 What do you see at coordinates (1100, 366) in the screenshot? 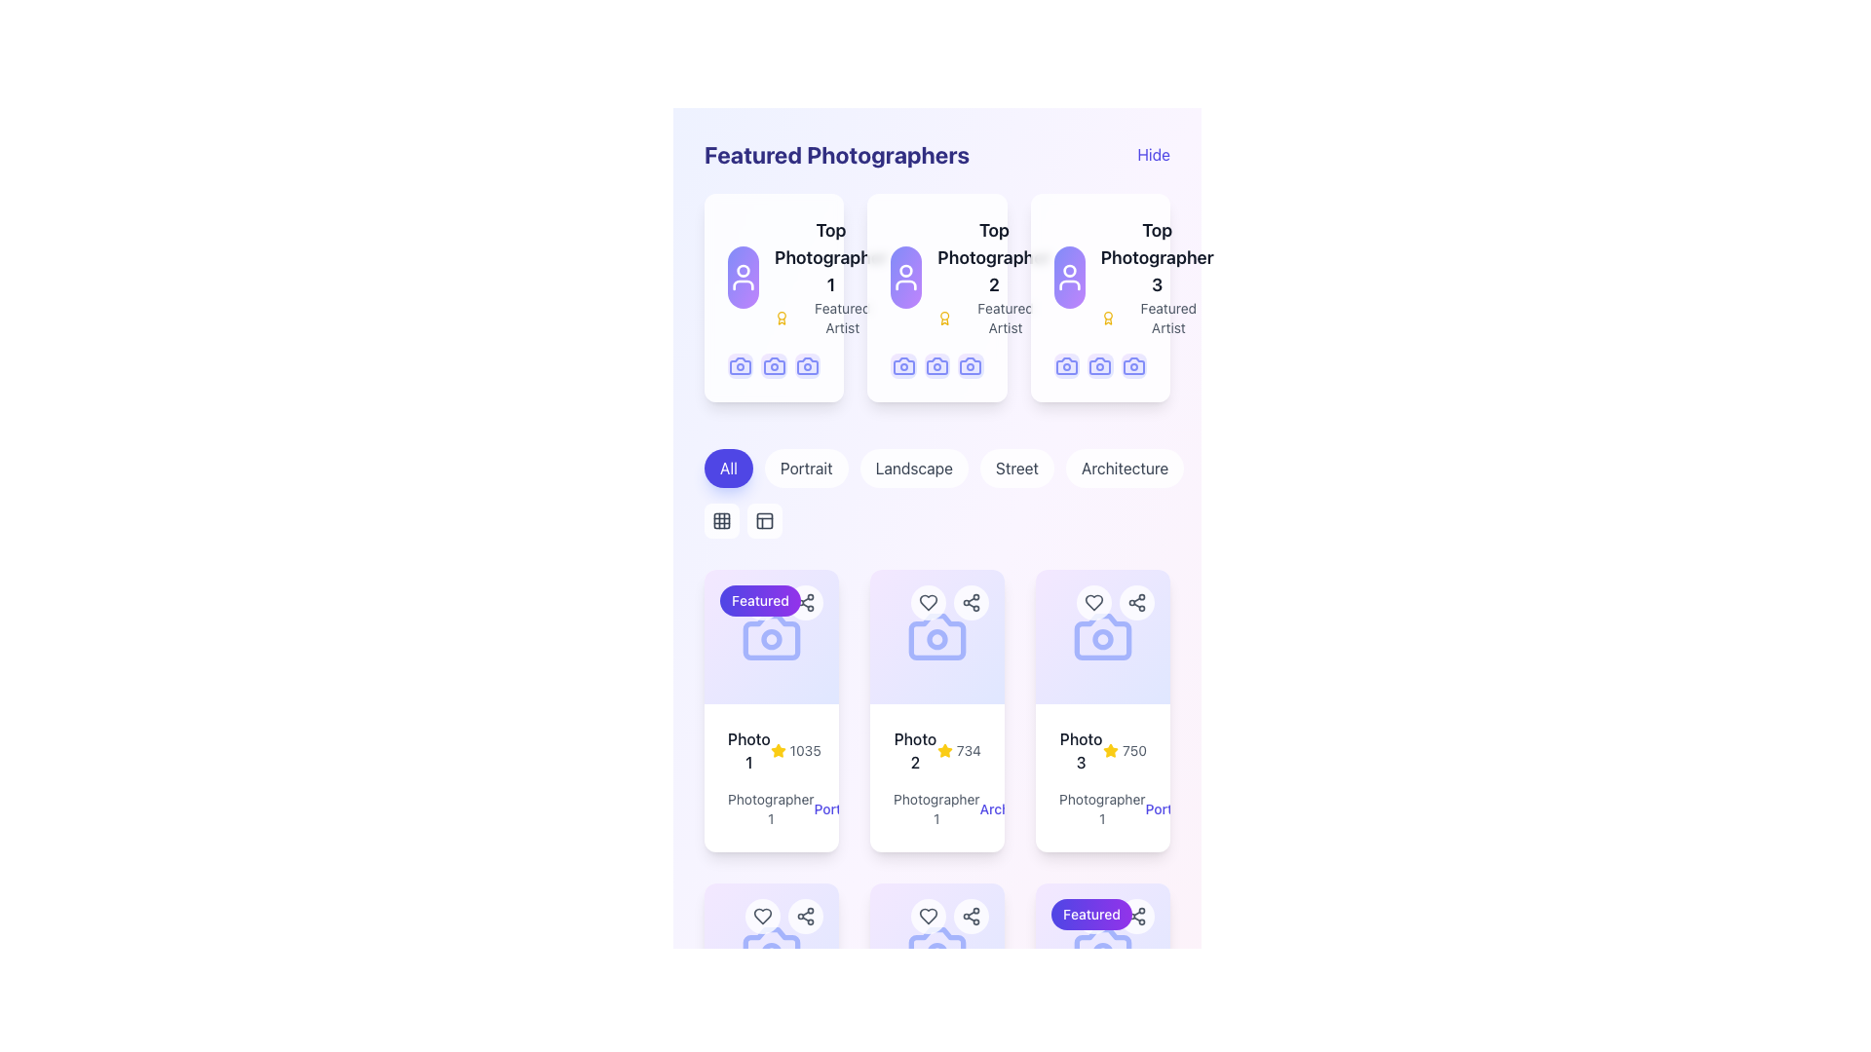
I see `the middle icon in the bottom row of controls within the third card titled 'Top Photographer 3' to invoke its camera functions` at bounding box center [1100, 366].